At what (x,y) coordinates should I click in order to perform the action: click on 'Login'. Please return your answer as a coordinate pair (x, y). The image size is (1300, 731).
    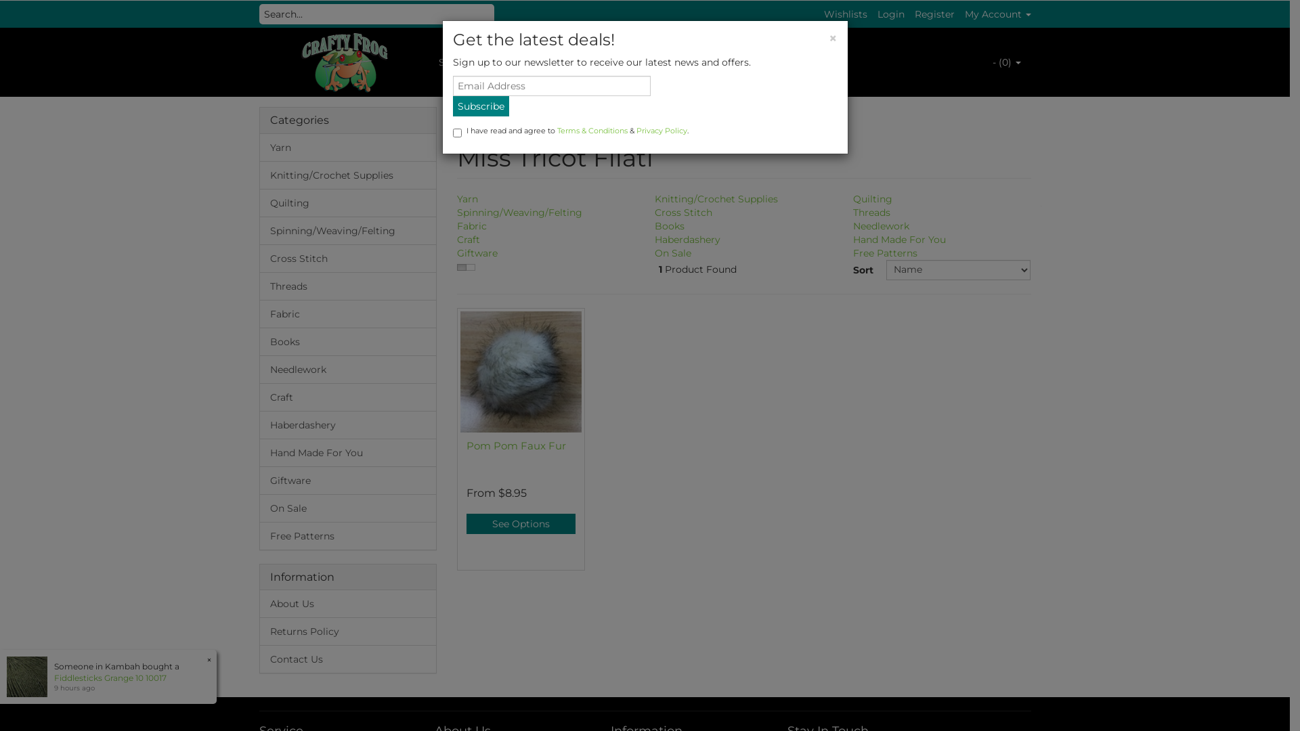
    Looking at the image, I should click on (890, 14).